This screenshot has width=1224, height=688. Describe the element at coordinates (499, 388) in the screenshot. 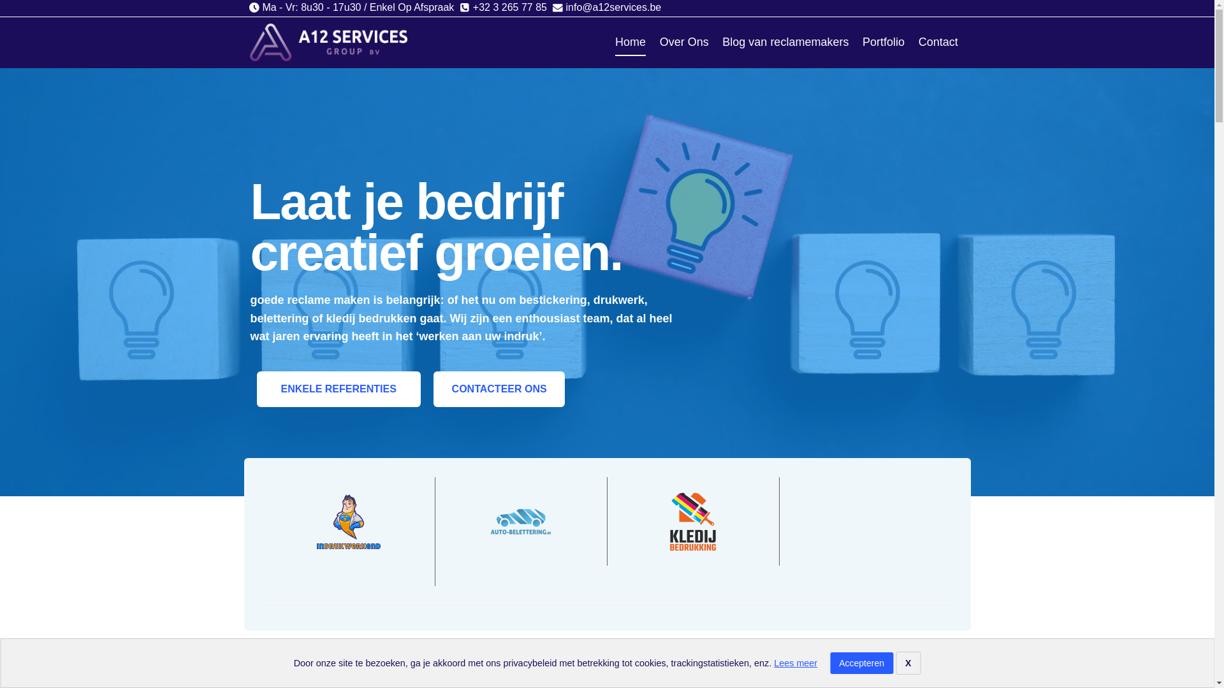

I see `'CONTACTEER ONS'` at that location.